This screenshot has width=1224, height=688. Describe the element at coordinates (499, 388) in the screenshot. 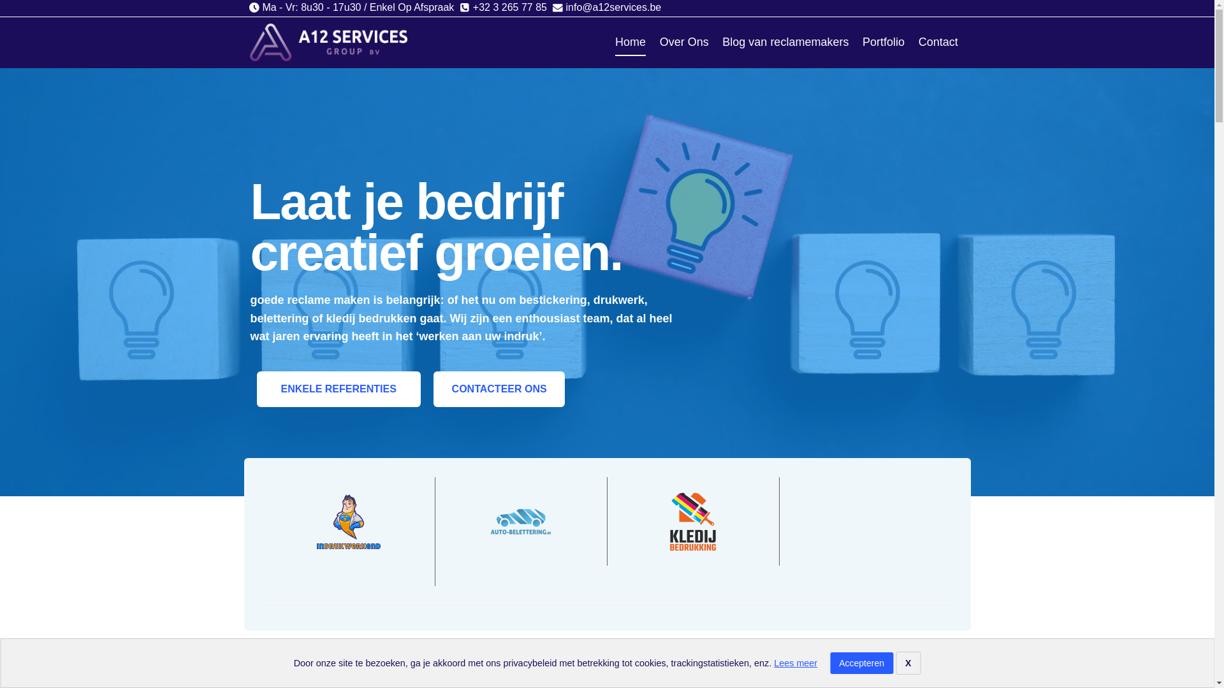

I see `'CONTACTEER ONS'` at that location.